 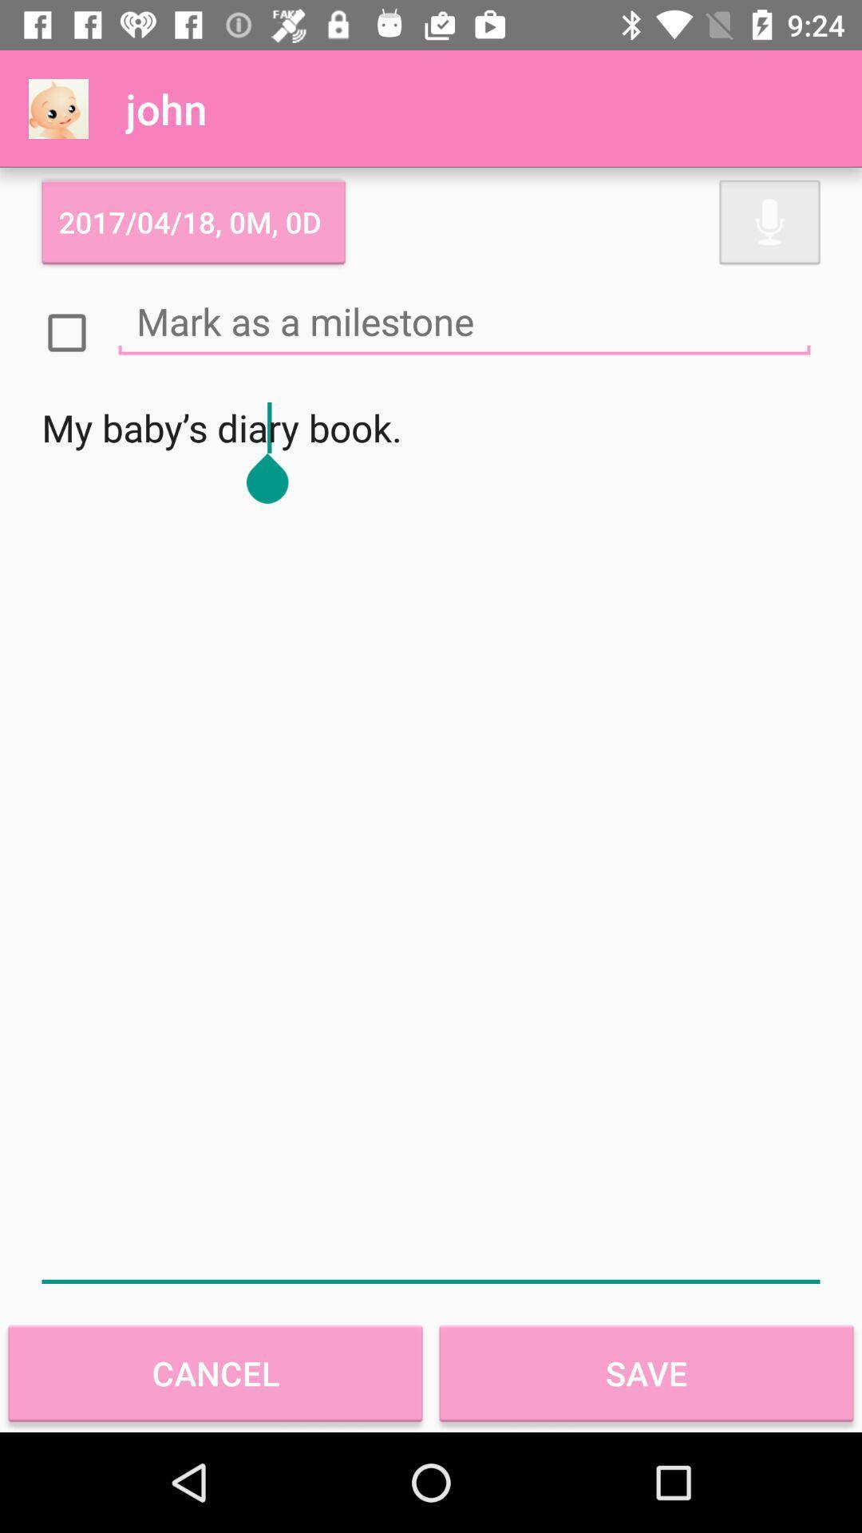 I want to click on app next to the john item, so click(x=57, y=108).